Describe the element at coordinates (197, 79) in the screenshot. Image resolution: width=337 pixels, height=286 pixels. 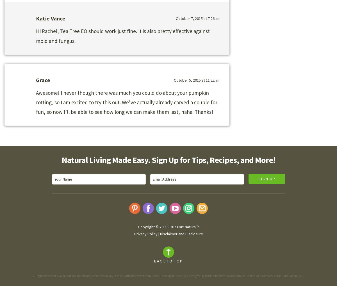
I see `'October 5, 2015 at 11:22 am'` at that location.